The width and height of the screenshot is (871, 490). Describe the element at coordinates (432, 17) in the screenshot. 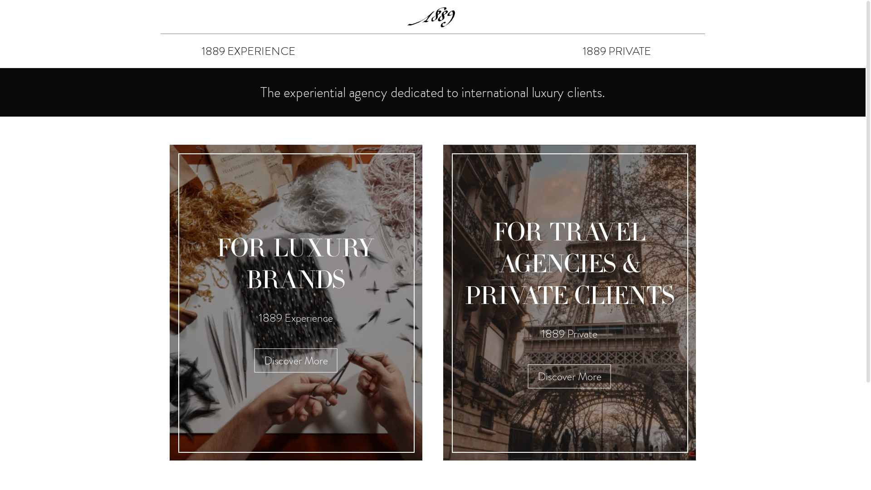

I see `'1889'` at that location.